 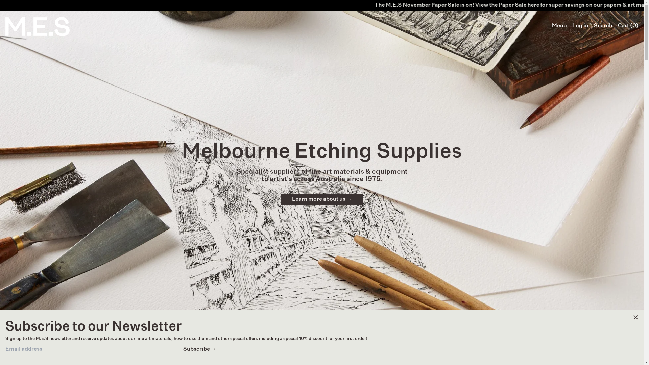 I want to click on 'Menu', so click(x=552, y=26).